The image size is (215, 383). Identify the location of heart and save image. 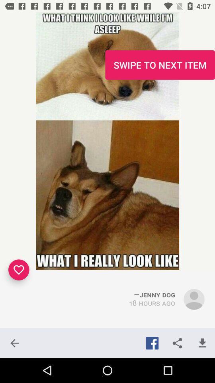
(19, 270).